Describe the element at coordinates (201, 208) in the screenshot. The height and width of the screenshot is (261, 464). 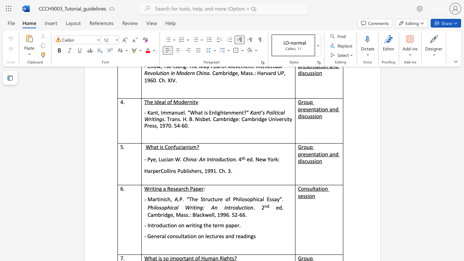
I see `the 1th character "a" in the text` at that location.